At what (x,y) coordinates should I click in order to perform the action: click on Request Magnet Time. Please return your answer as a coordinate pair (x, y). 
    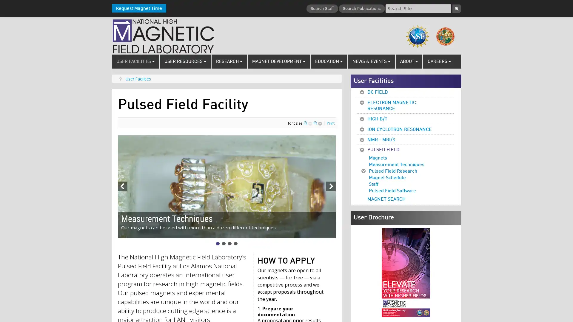
    Looking at the image, I should click on (138, 8).